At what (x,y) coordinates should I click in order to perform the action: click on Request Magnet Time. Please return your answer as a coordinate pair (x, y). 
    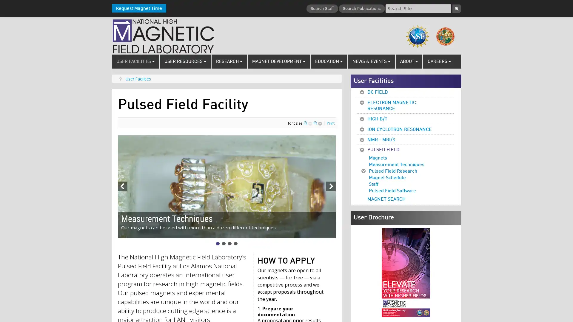
    Looking at the image, I should click on (138, 8).